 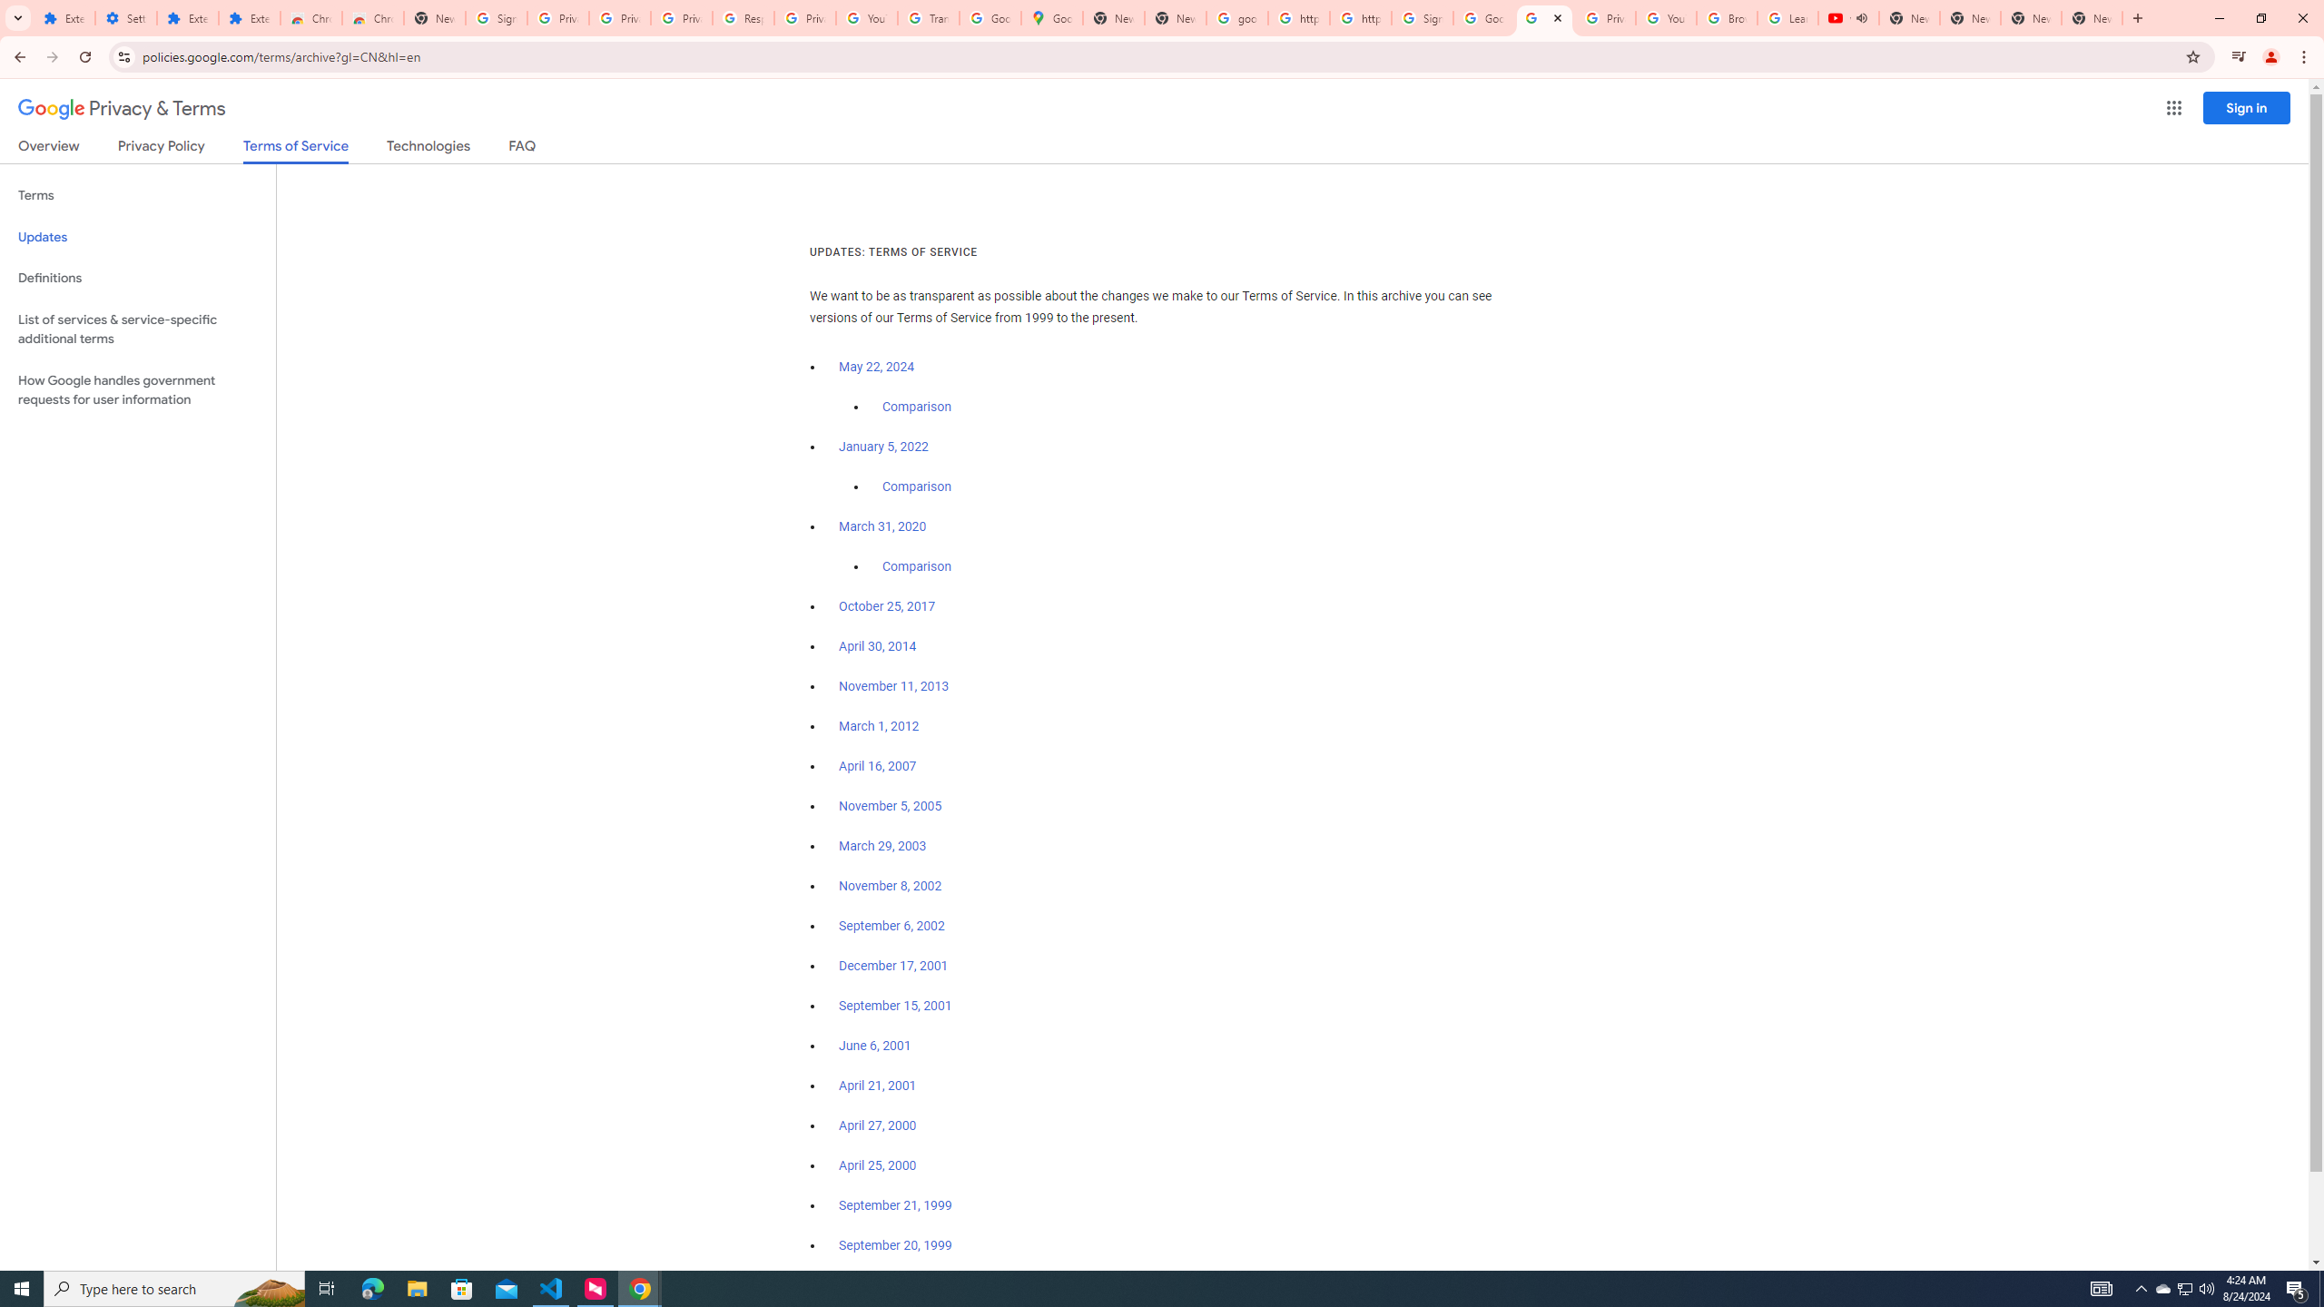 I want to click on 'March 29, 2003', so click(x=881, y=846).